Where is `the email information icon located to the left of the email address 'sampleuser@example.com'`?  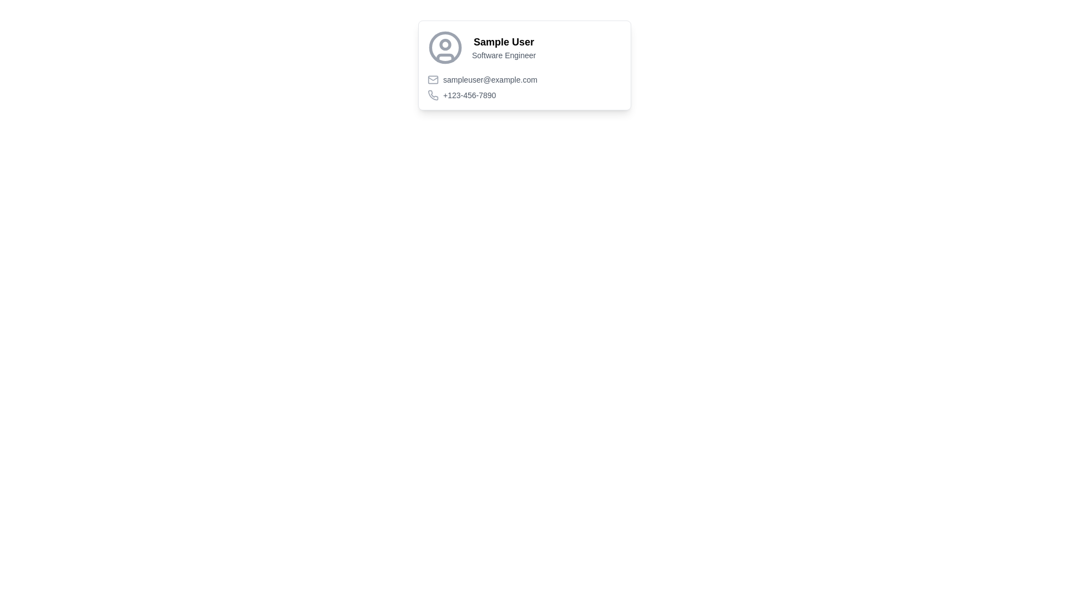
the email information icon located to the left of the email address 'sampleuser@example.com' is located at coordinates (433, 79).